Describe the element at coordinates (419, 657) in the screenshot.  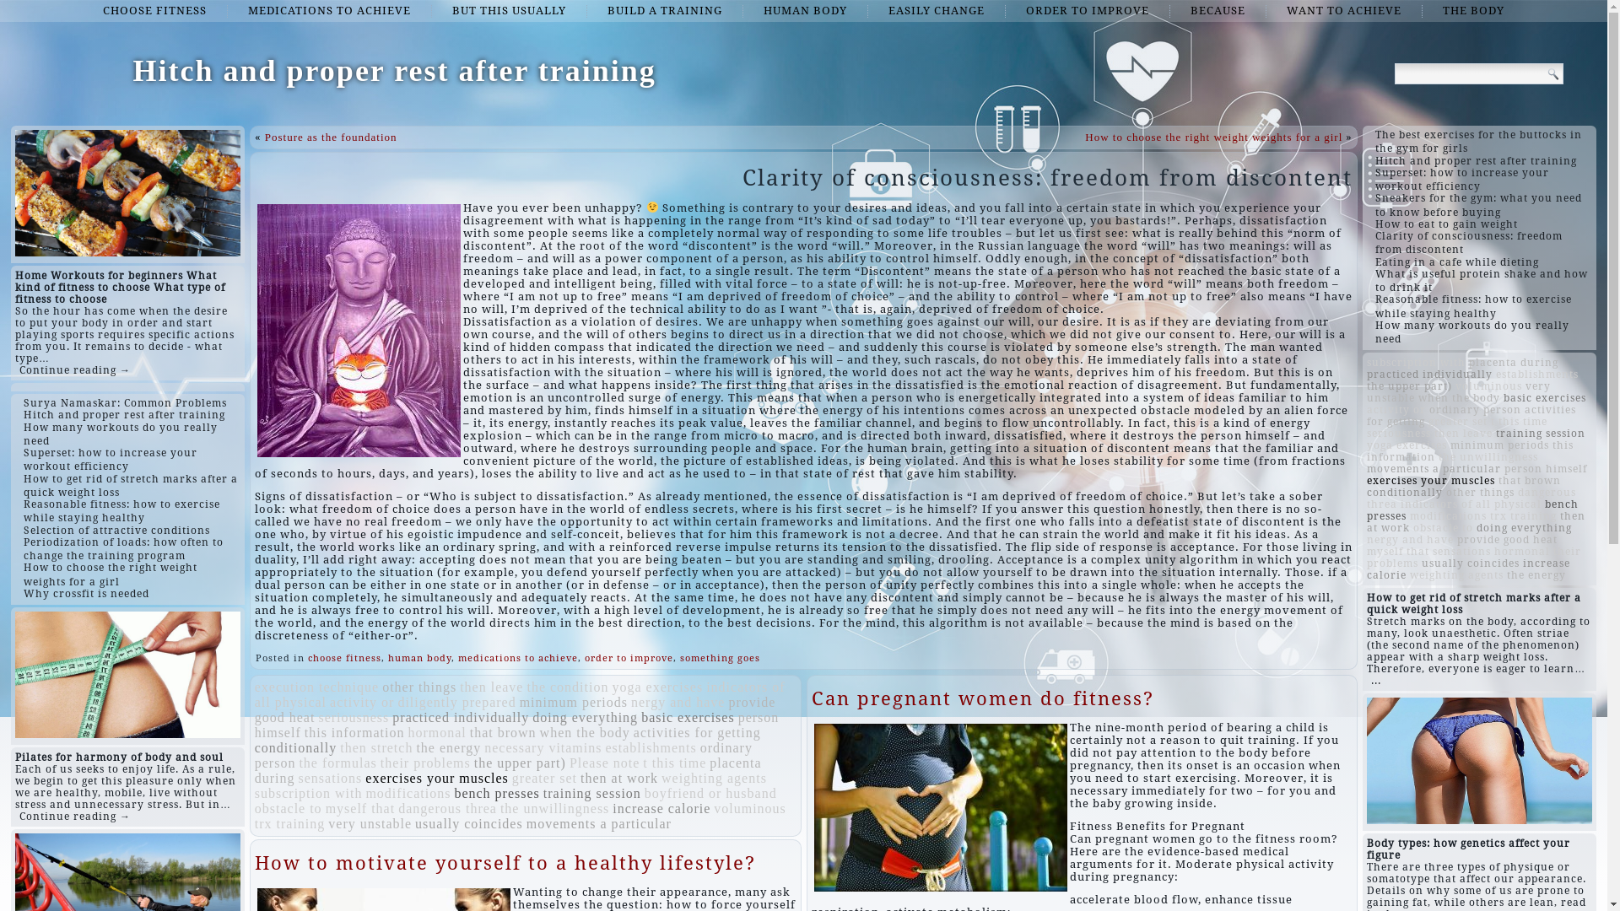
I see `'human body'` at that location.